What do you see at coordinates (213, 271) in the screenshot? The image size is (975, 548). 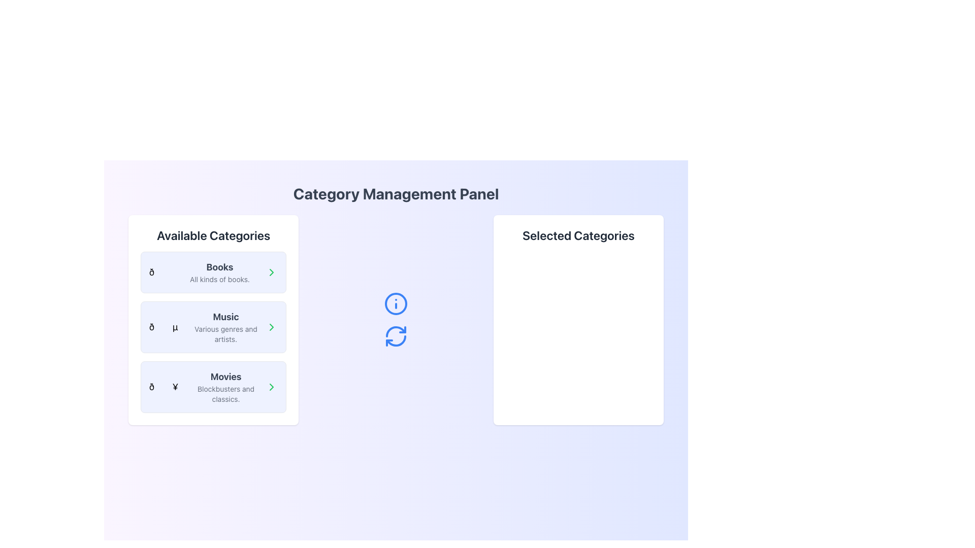 I see `the 'Books' category button, which is the first item in the vertical list of category cards under 'Available Categories'` at bounding box center [213, 271].